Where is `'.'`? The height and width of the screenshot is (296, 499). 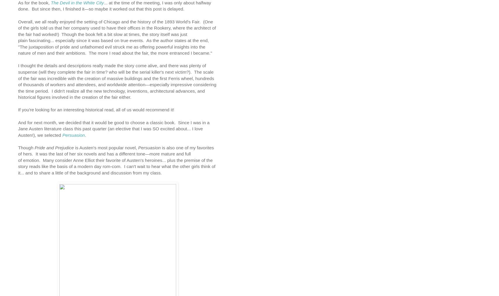
'.' is located at coordinates (86, 134).